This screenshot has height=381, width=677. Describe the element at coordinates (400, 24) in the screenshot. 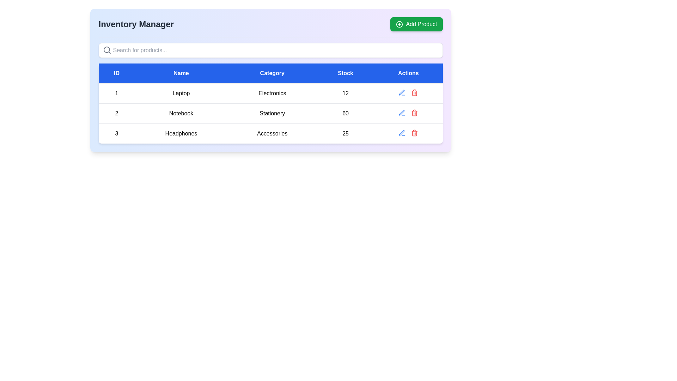

I see `the SVG Circle element that is part of the 'Add Product' button, which visually contains a '+' sign` at that location.